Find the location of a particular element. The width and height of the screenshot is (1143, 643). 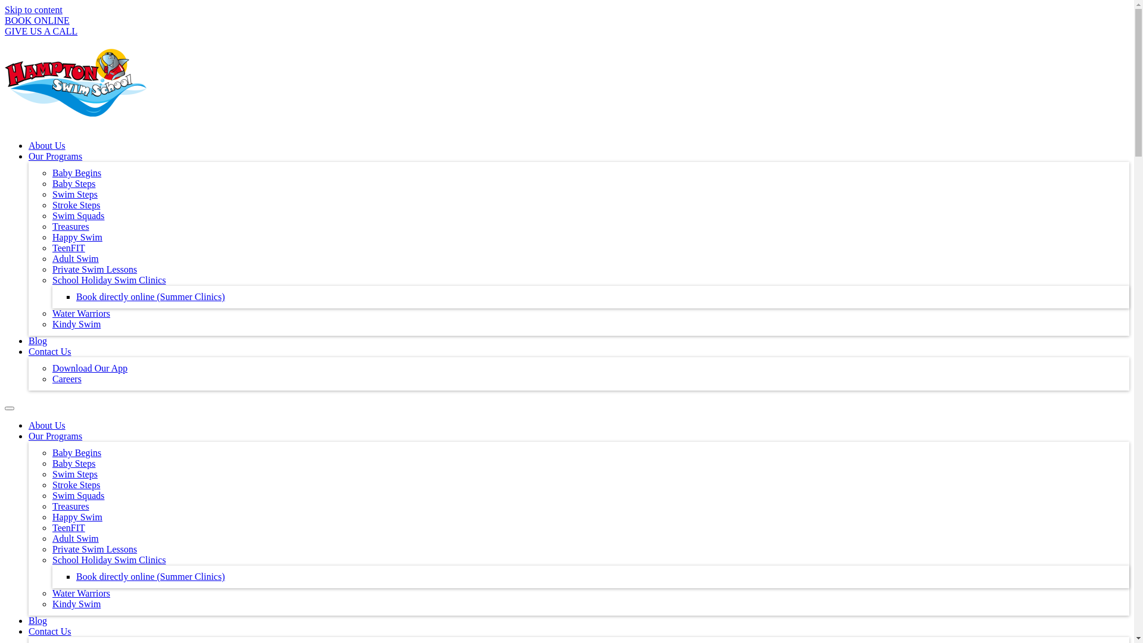

'Contact Us' is located at coordinates (29, 630).